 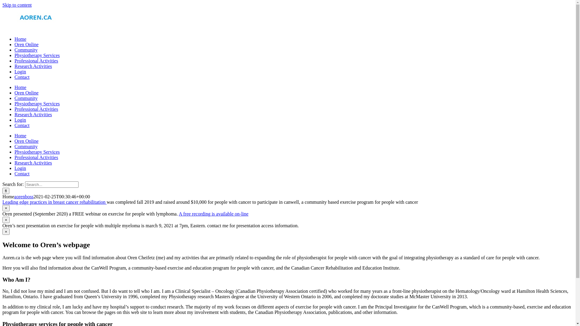 What do you see at coordinates (14, 120) in the screenshot?
I see `'Login'` at bounding box center [14, 120].